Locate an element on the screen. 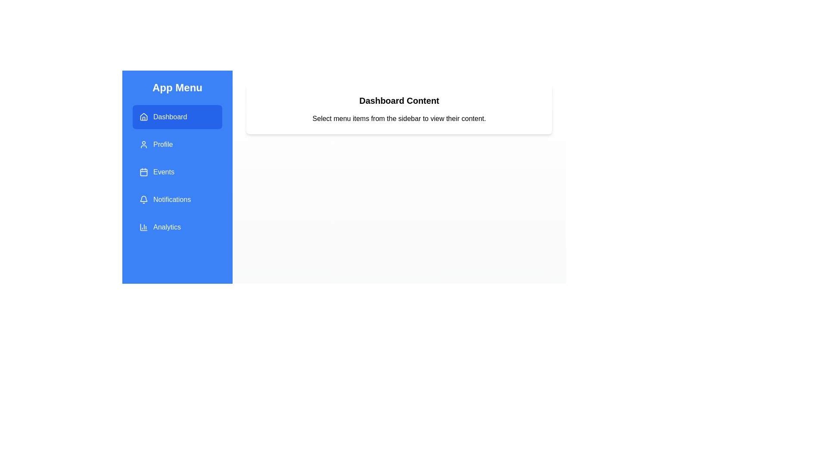  the menu item Profile from the sidebar is located at coordinates (177, 144).